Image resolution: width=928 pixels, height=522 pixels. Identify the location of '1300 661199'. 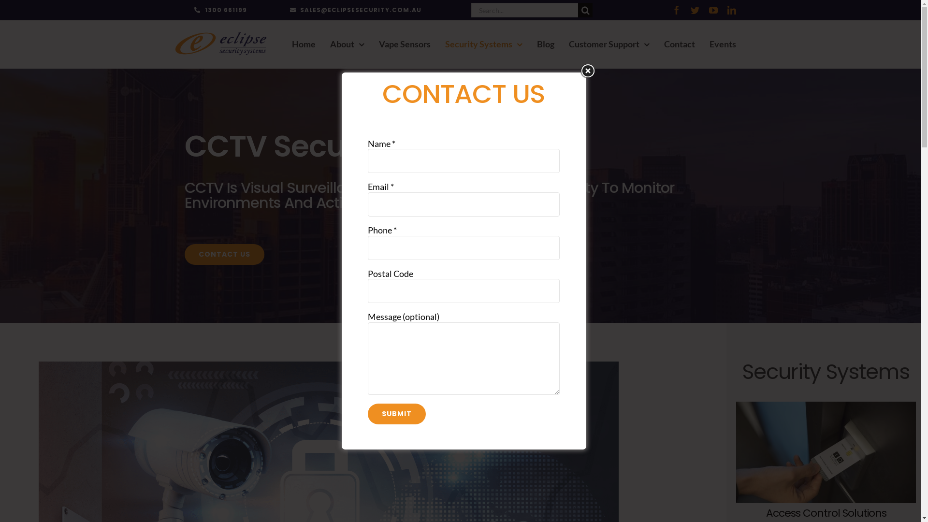
(220, 10).